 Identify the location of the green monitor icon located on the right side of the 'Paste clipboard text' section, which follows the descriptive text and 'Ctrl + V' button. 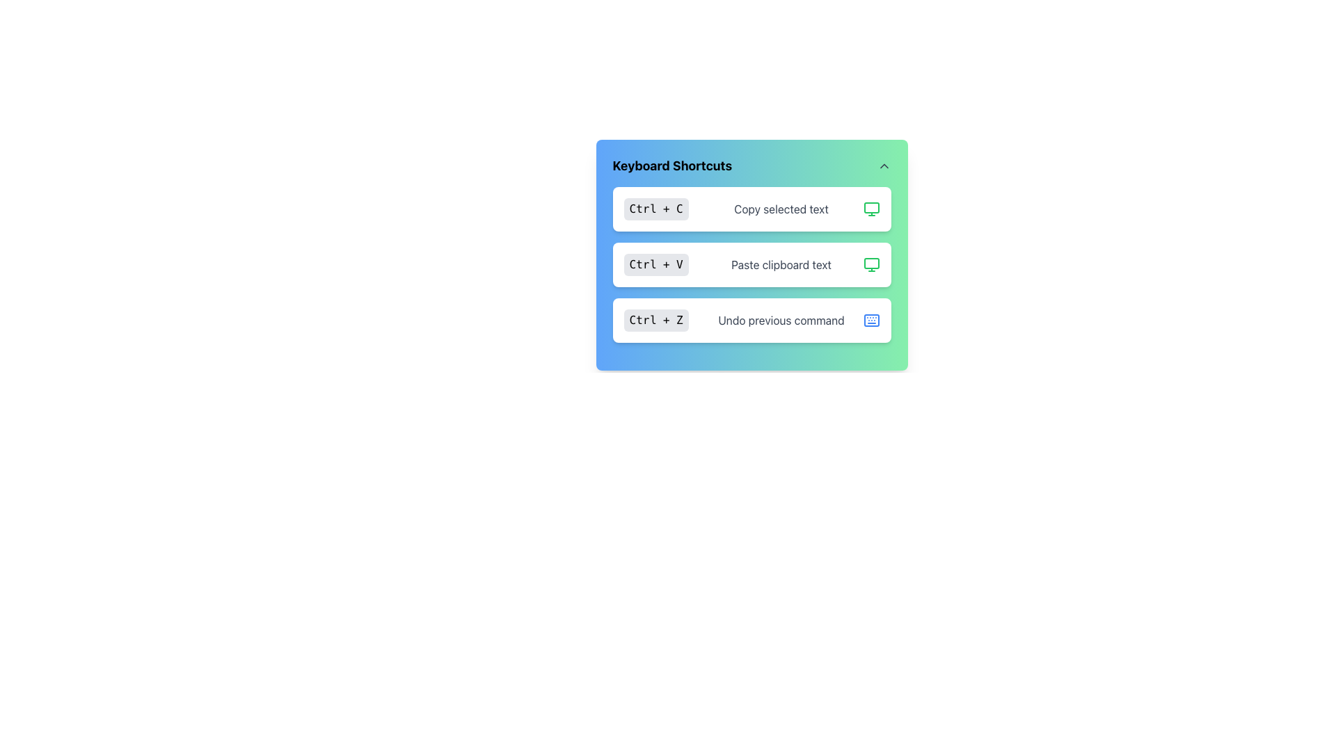
(870, 265).